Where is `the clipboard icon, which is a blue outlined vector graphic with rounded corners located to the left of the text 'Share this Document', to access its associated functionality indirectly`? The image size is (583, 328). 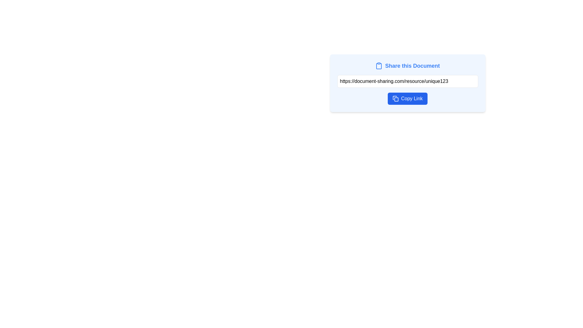
the clipboard icon, which is a blue outlined vector graphic with rounded corners located to the left of the text 'Share this Document', to access its associated functionality indirectly is located at coordinates (379, 66).